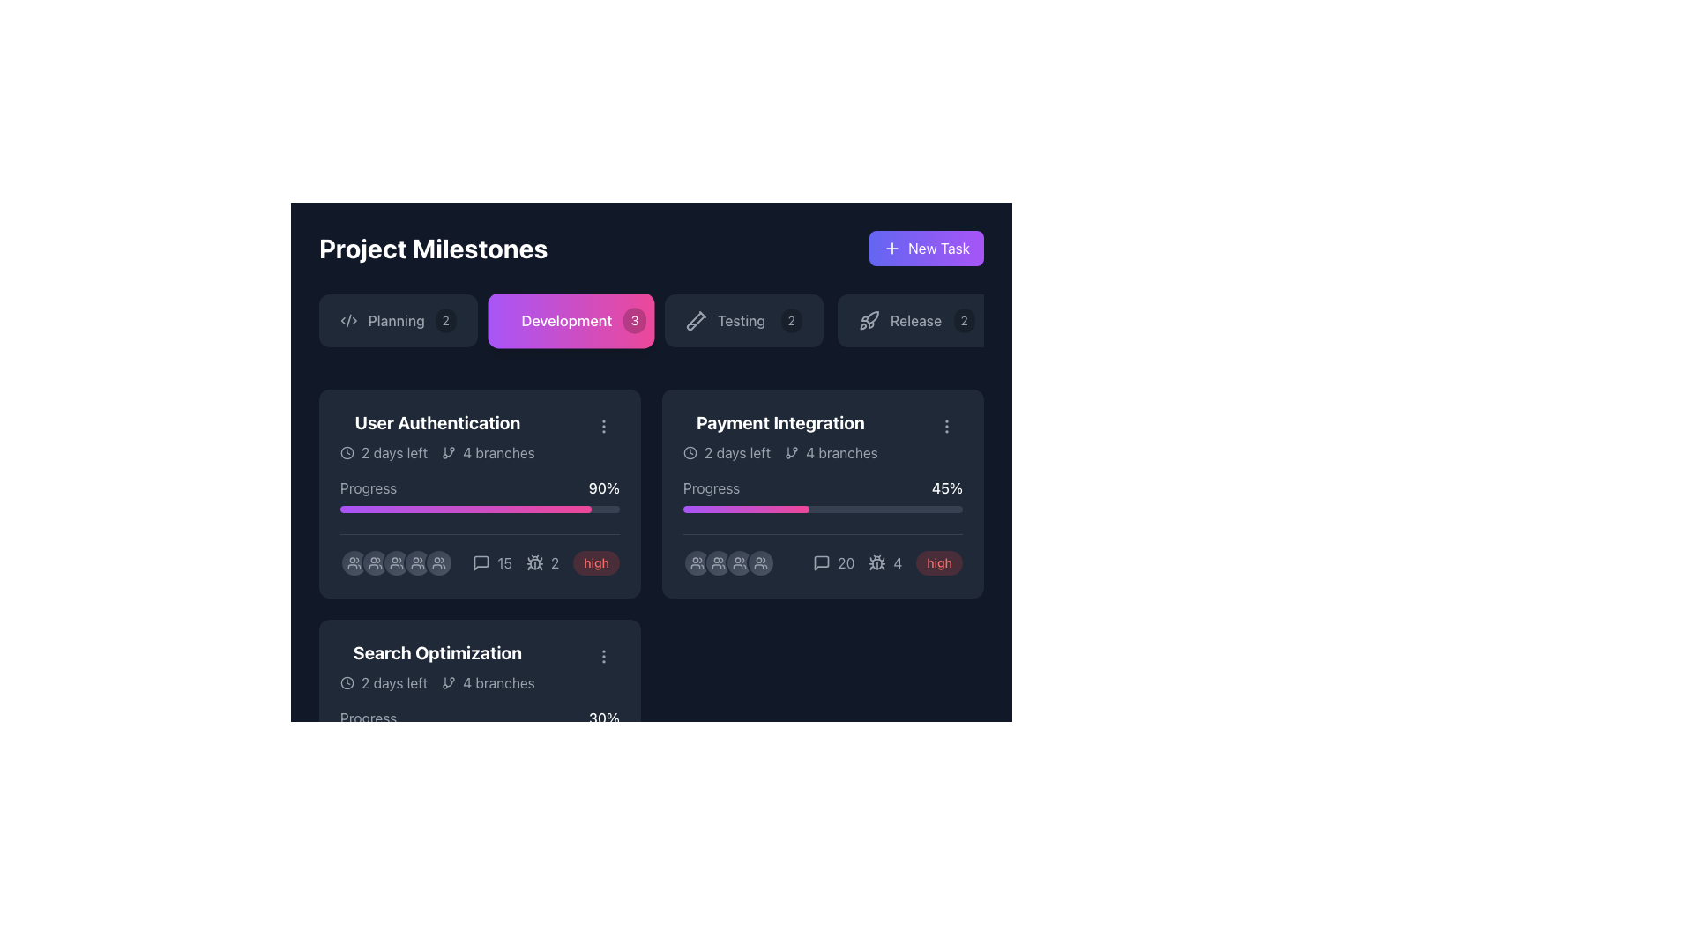 Image resolution: width=1693 pixels, height=952 pixels. What do you see at coordinates (396, 563) in the screenshot?
I see `the circular Avatar or user icon with a gradient fill and a simplistic user silhouette, located under the 'Development' tab in the 'Project Milestones' area` at bounding box center [396, 563].